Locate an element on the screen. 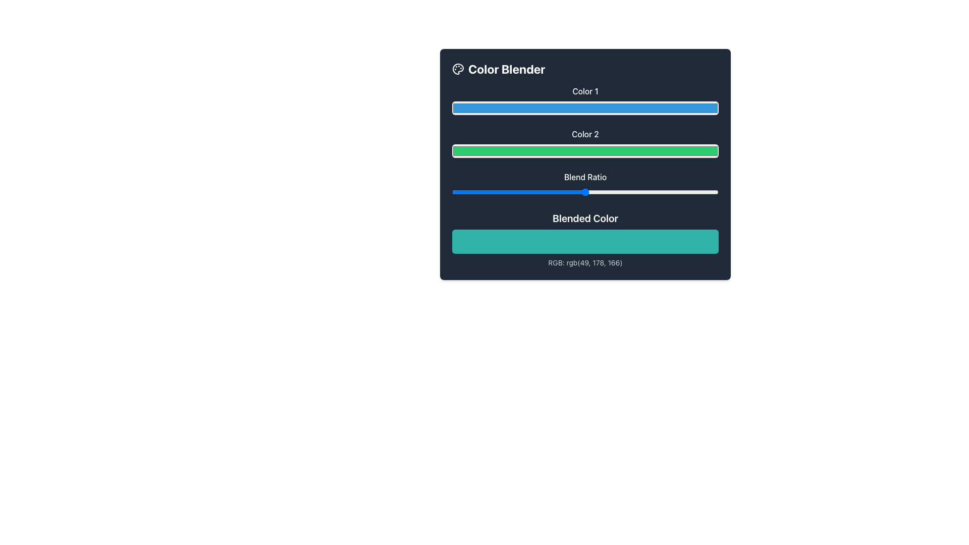 This screenshot has width=969, height=545. the Blend Ratio slider is located at coordinates (633, 192).